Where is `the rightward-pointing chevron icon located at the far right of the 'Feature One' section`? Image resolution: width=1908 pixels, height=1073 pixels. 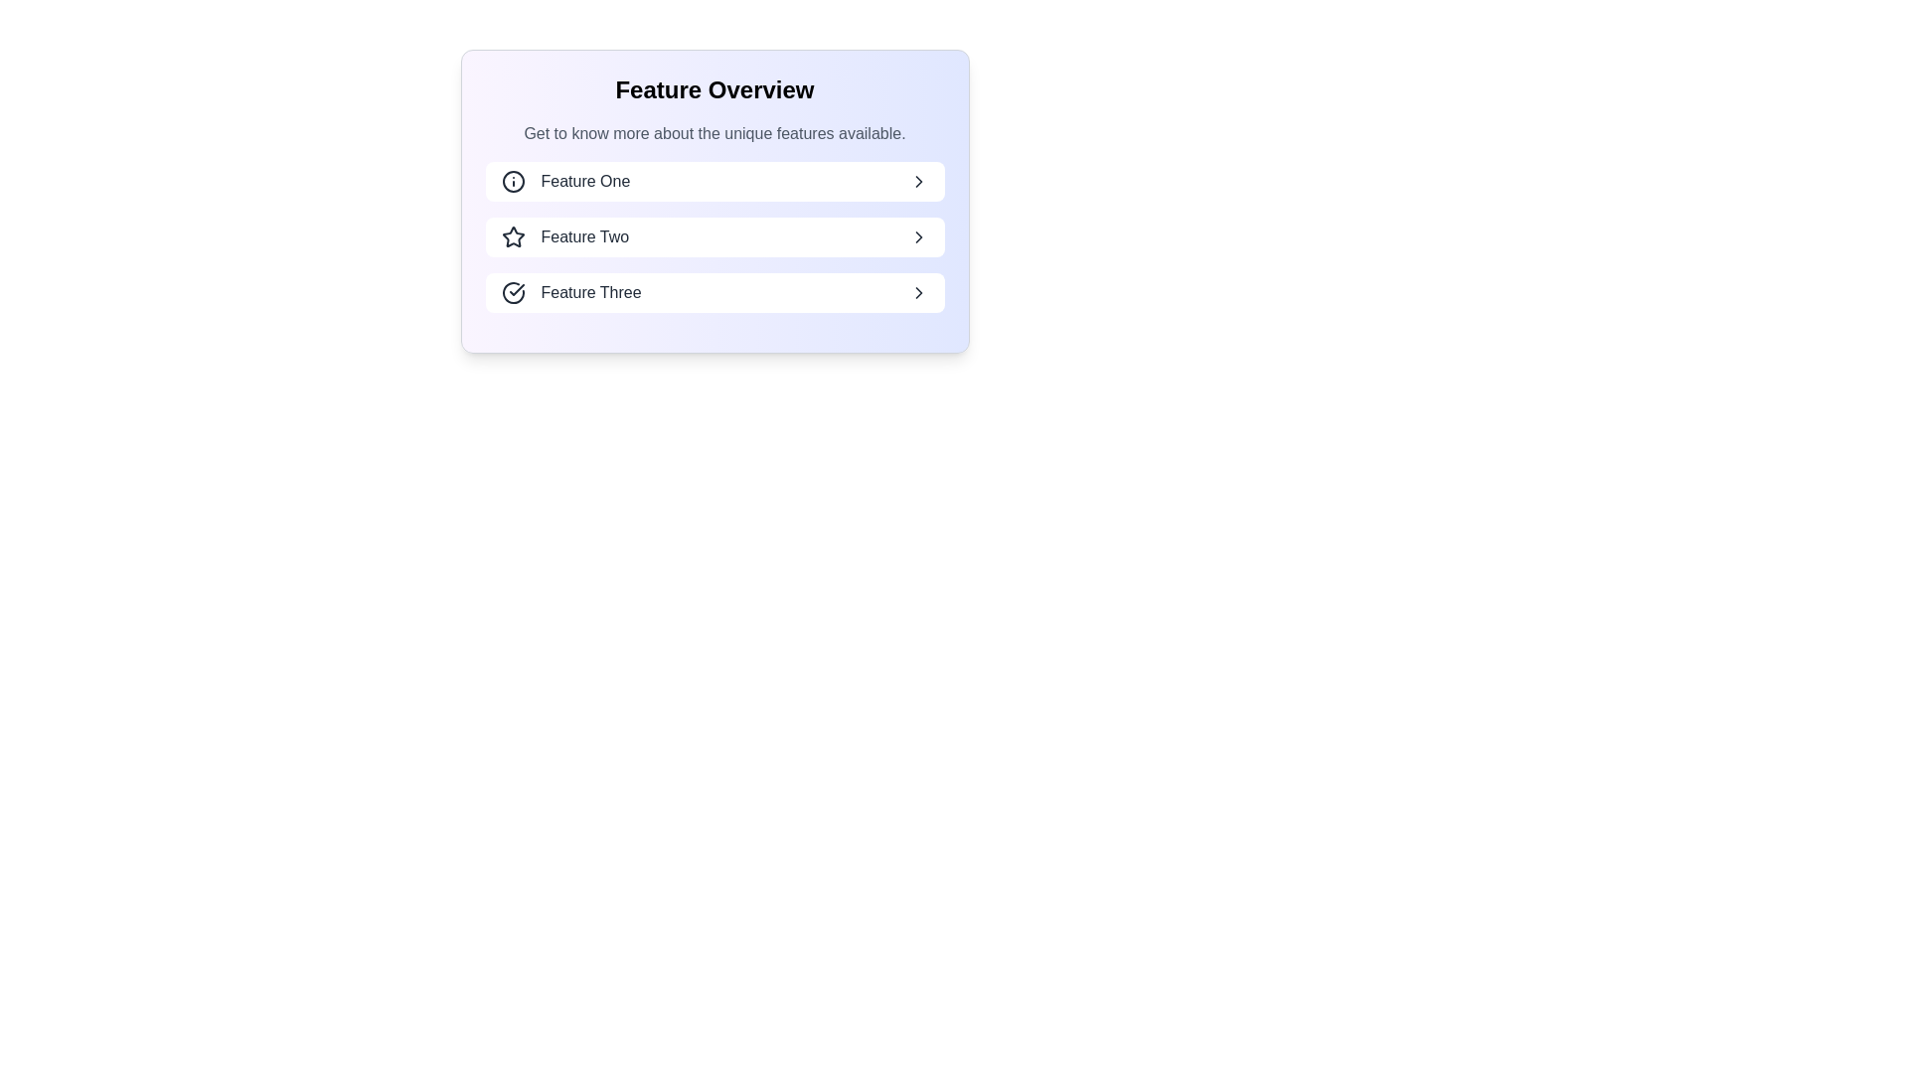
the rightward-pointing chevron icon located at the far right of the 'Feature One' section is located at coordinates (917, 181).